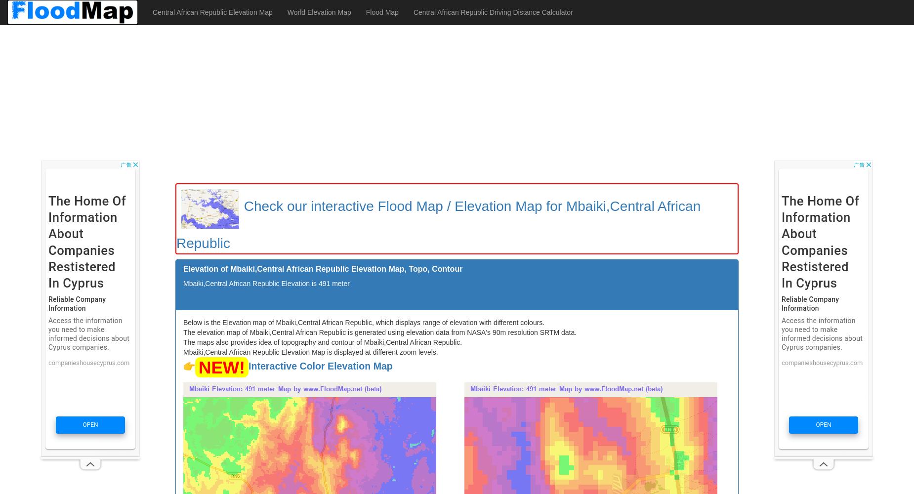 This screenshot has width=914, height=494. Describe the element at coordinates (320, 366) in the screenshot. I see `'Interactive Color Elevation Map'` at that location.